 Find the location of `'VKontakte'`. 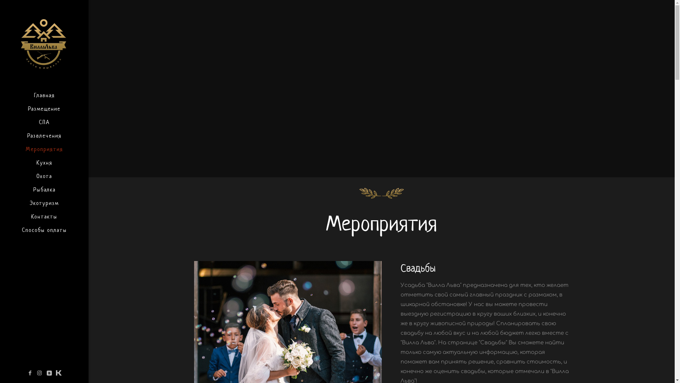

'VKontakte' is located at coordinates (49, 373).